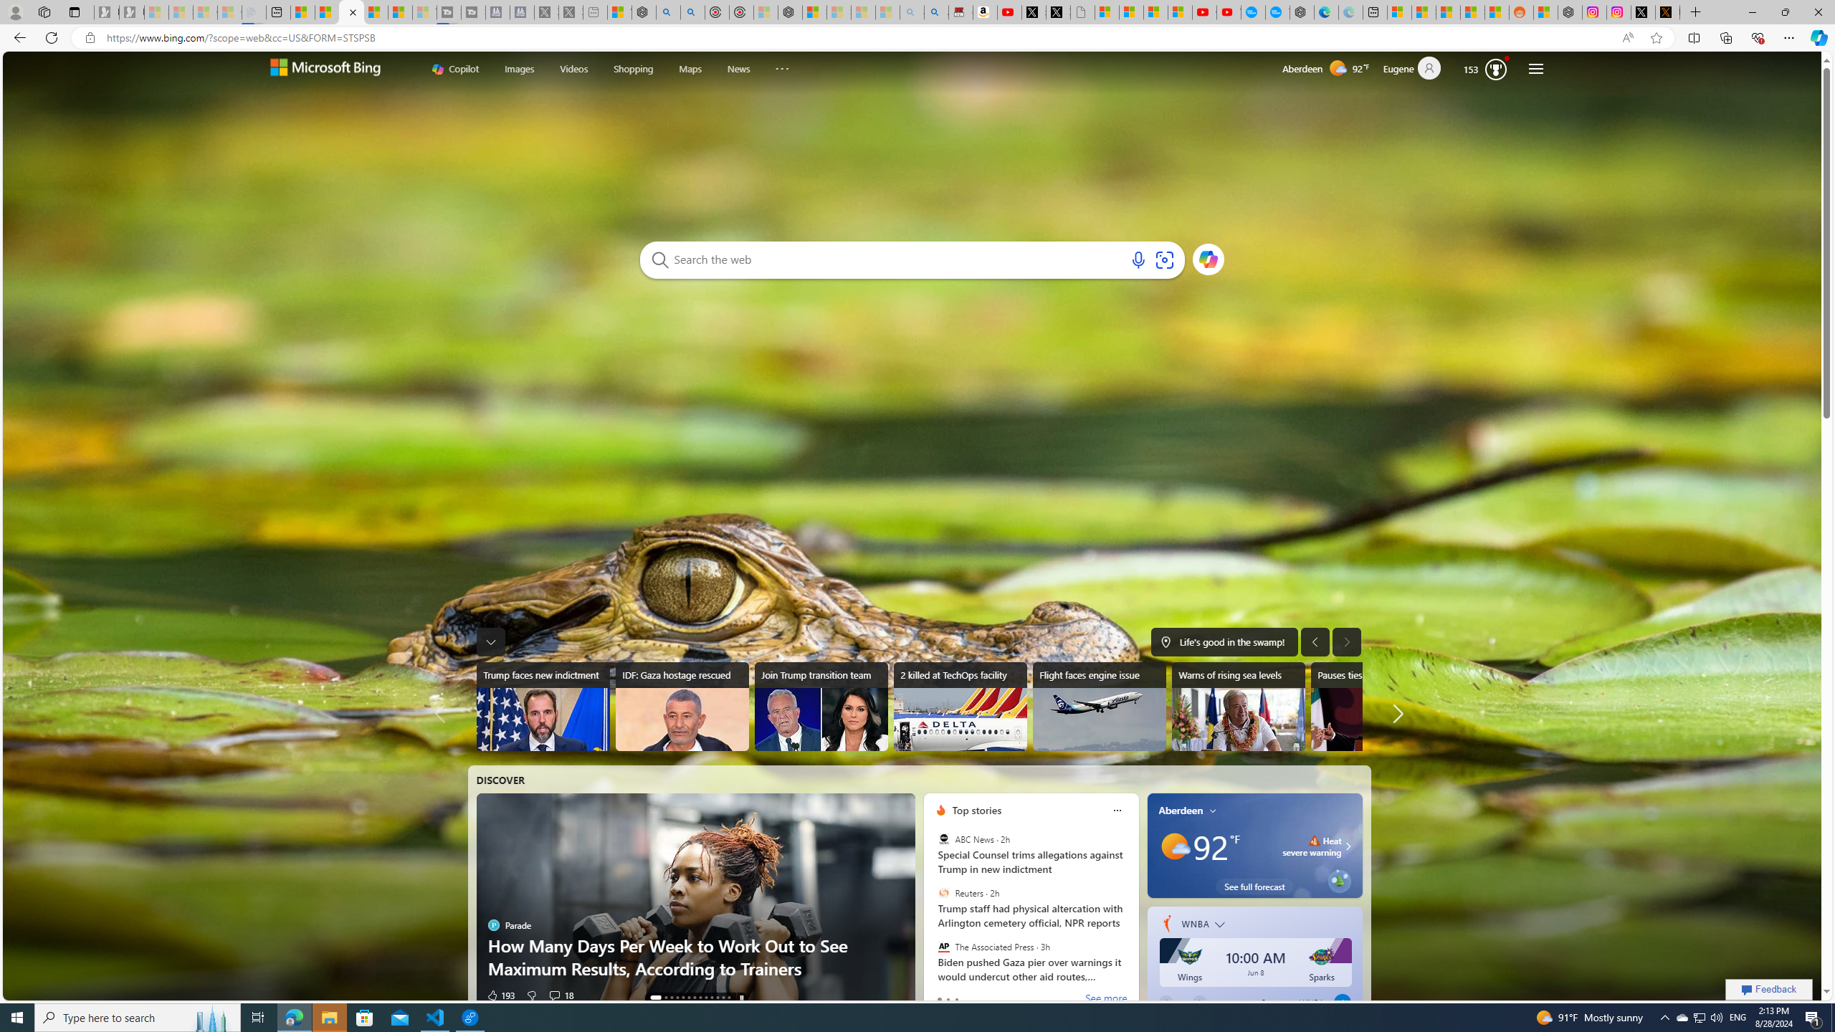  I want to click on 'Aberdeen', so click(1180, 810).